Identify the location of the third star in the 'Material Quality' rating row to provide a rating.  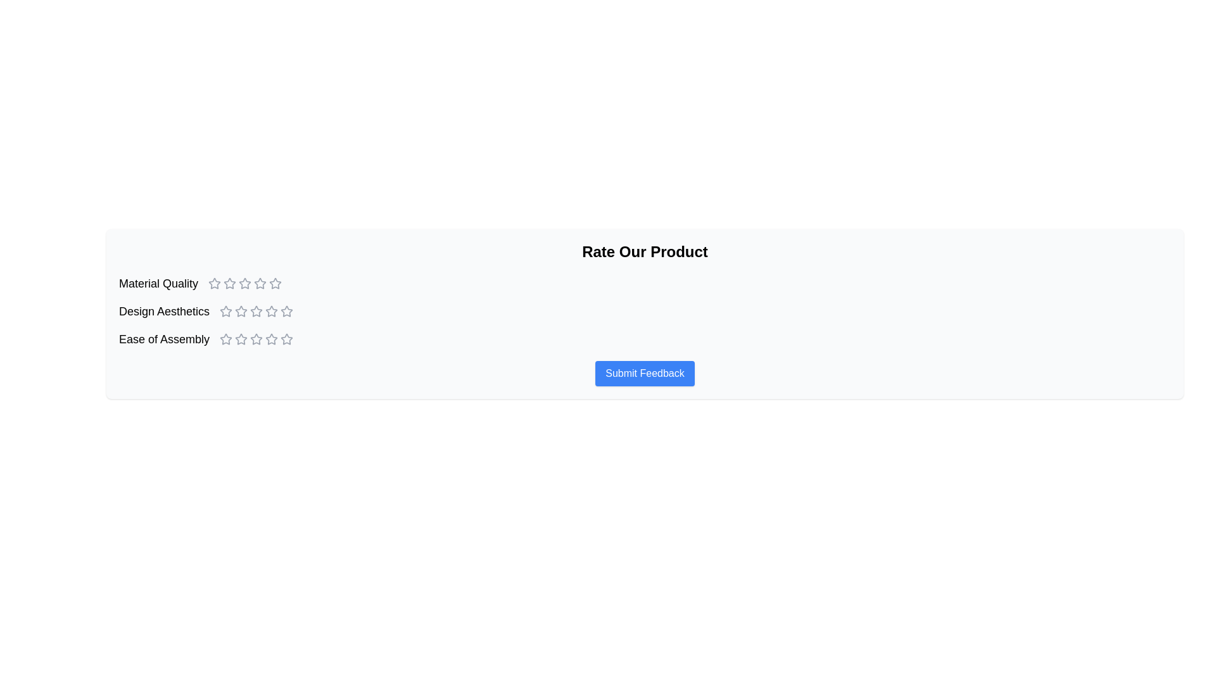
(260, 282).